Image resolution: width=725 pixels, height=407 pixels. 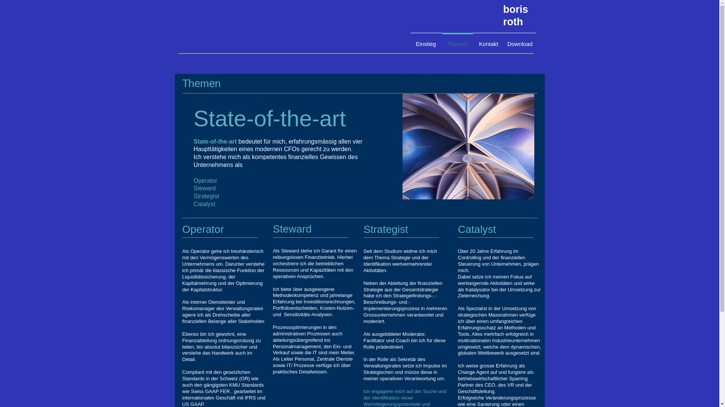 What do you see at coordinates (488, 41) in the screenshot?
I see `'Kontakt'` at bounding box center [488, 41].